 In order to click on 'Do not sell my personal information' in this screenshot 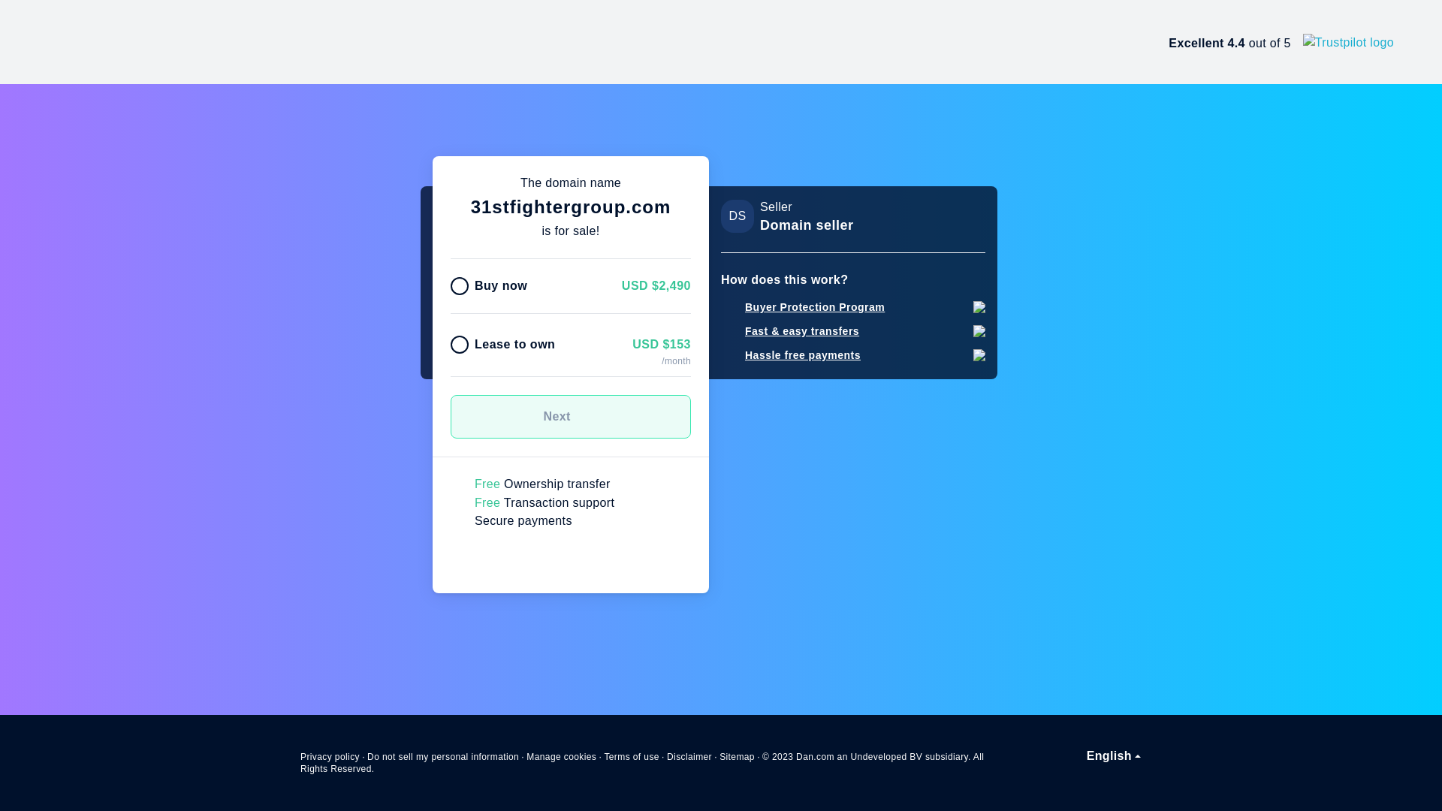, I will do `click(442, 756)`.